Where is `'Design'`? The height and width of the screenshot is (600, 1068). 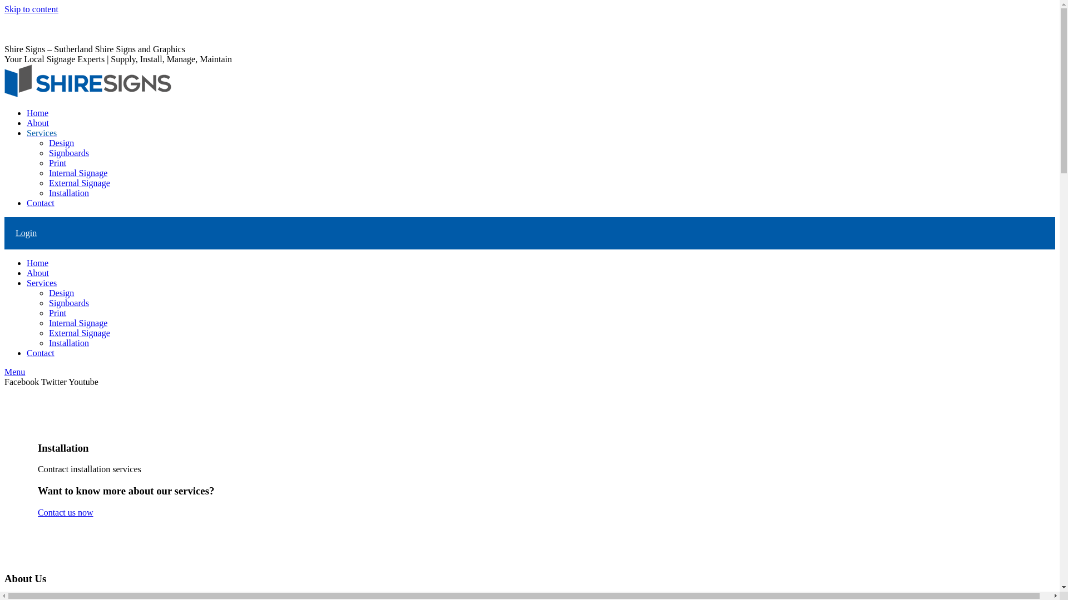
'Design' is located at coordinates (61, 292).